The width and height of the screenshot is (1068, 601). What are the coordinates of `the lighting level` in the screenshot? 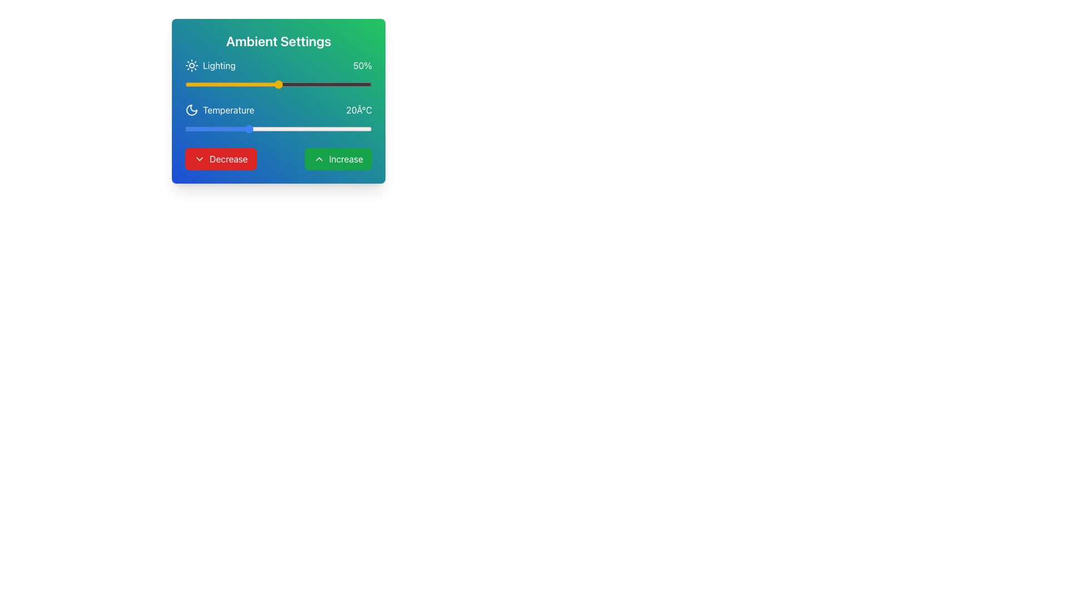 It's located at (301, 83).